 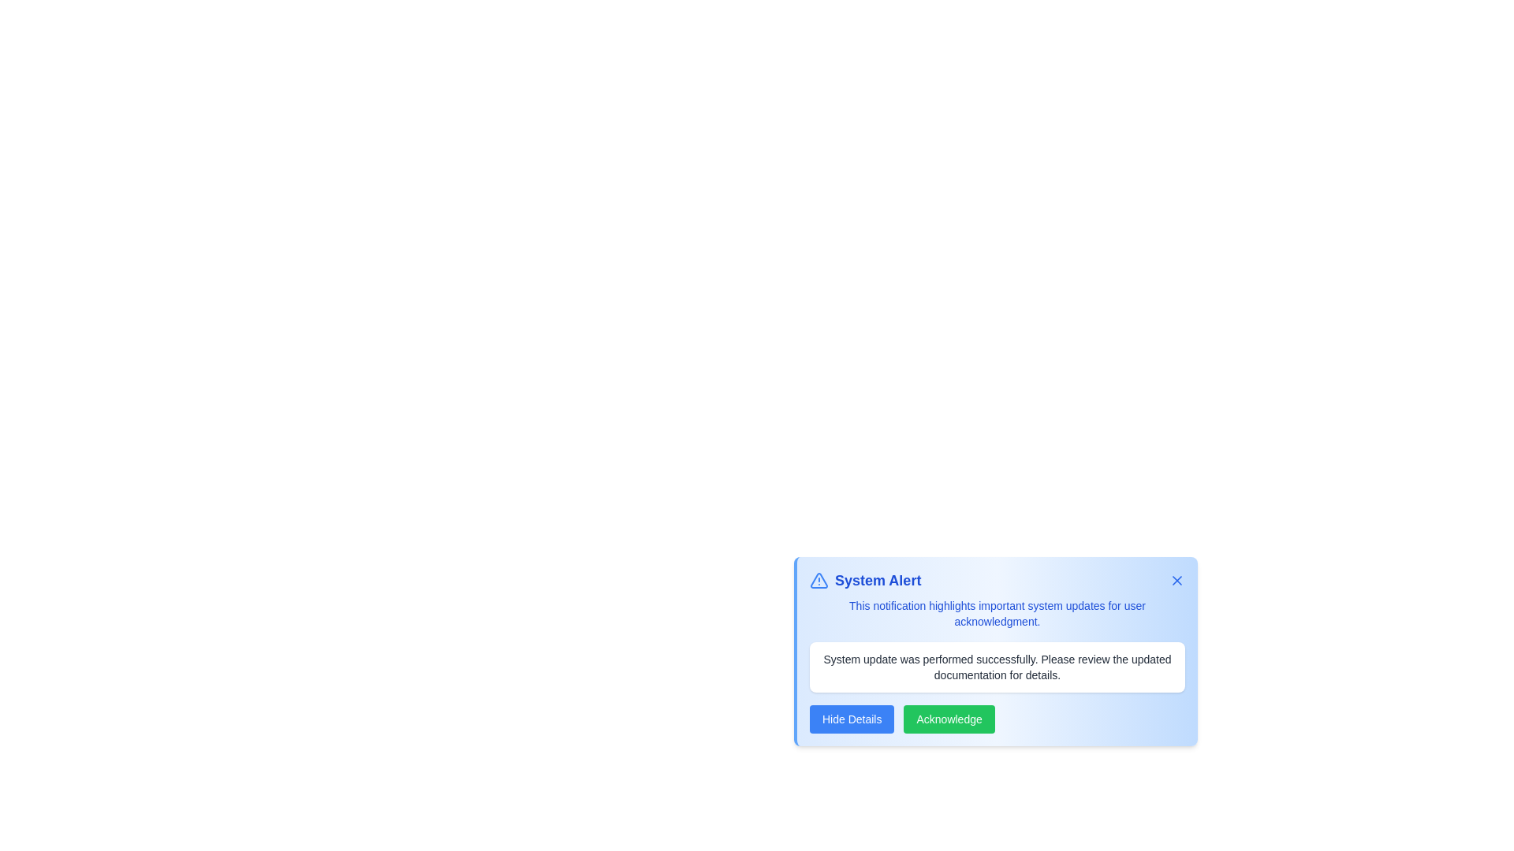 What do you see at coordinates (851, 719) in the screenshot?
I see `the 'Hide Details' button to toggle the visibility of the detailed information section` at bounding box center [851, 719].